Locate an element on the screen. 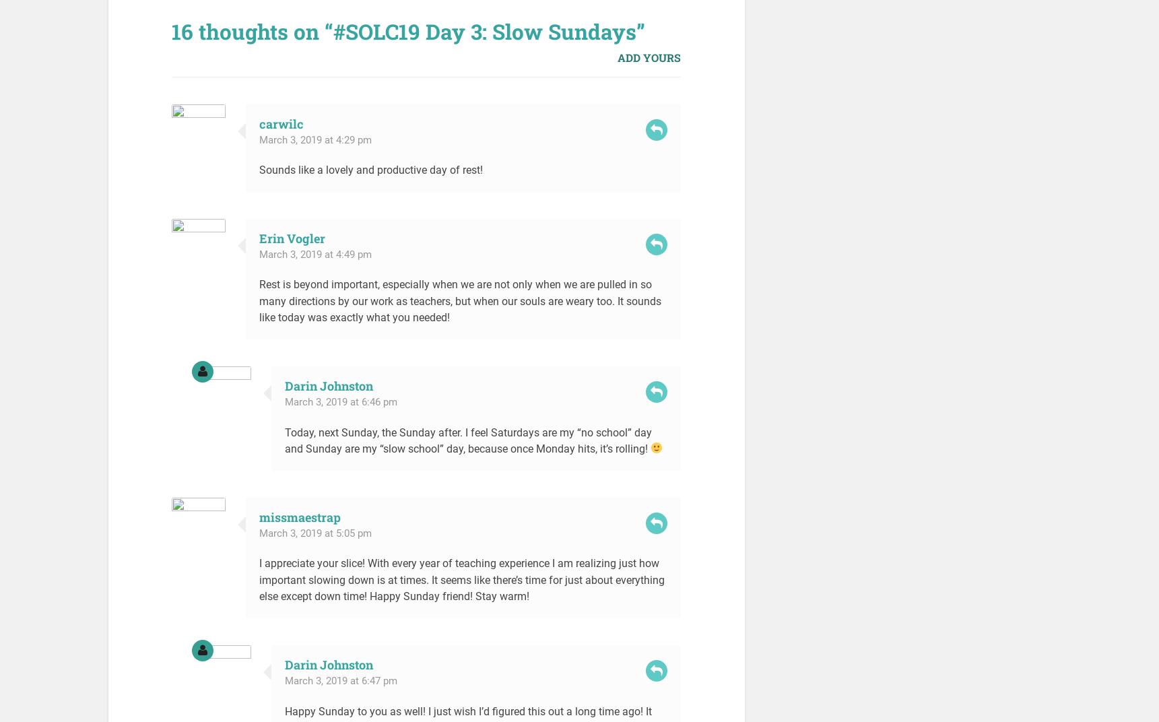  'March 3, 2019 at 5:05 pm' is located at coordinates (259, 533).